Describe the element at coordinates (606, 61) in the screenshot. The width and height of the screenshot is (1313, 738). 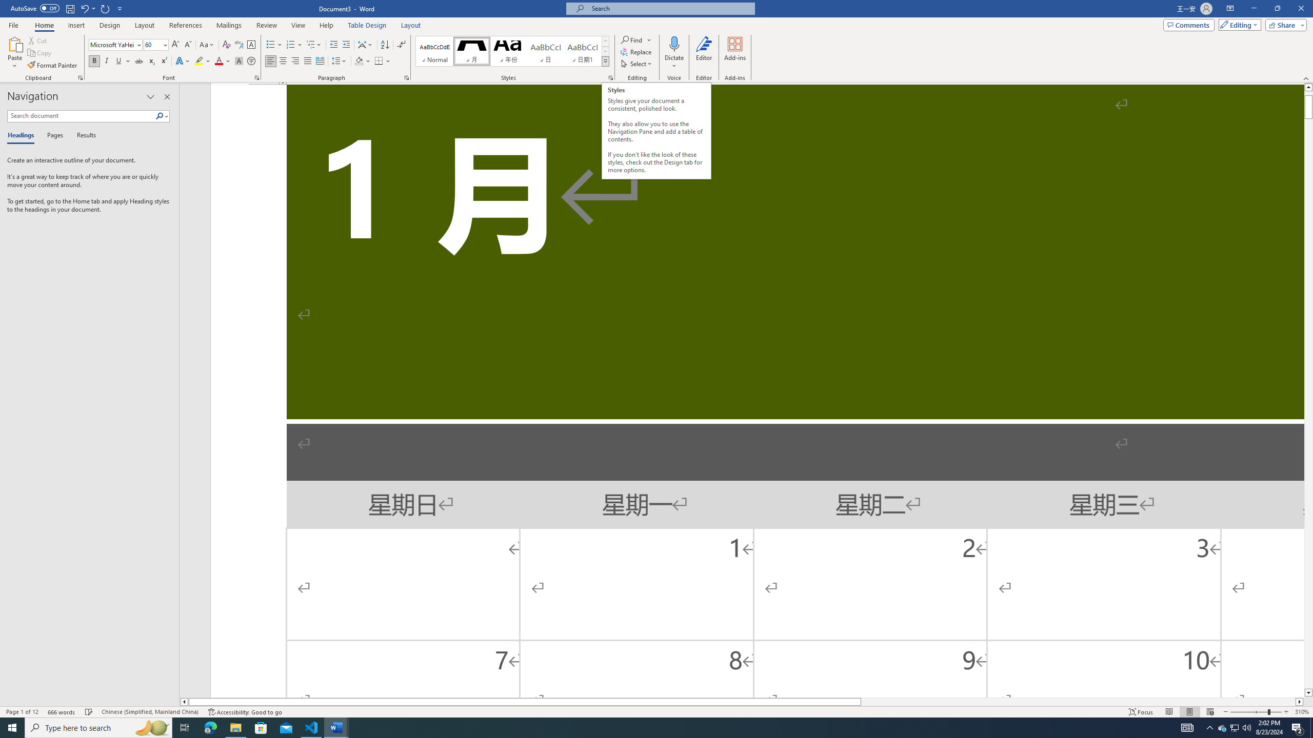
I see `'Class: NetUIImage'` at that location.